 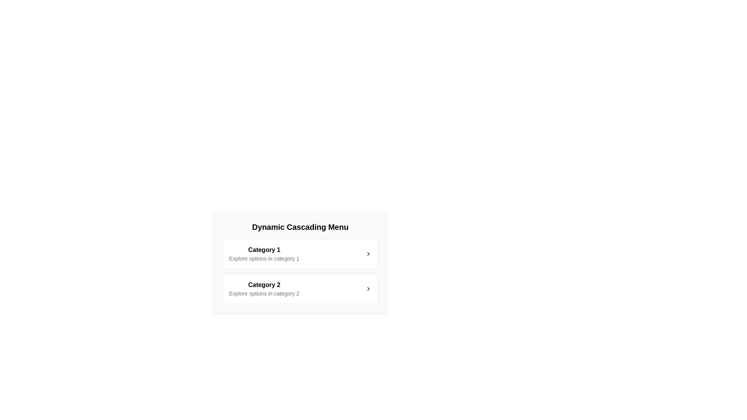 What do you see at coordinates (264, 254) in the screenshot?
I see `the clickable category label that serves as a text block containing a title and description for 'Category 1'` at bounding box center [264, 254].